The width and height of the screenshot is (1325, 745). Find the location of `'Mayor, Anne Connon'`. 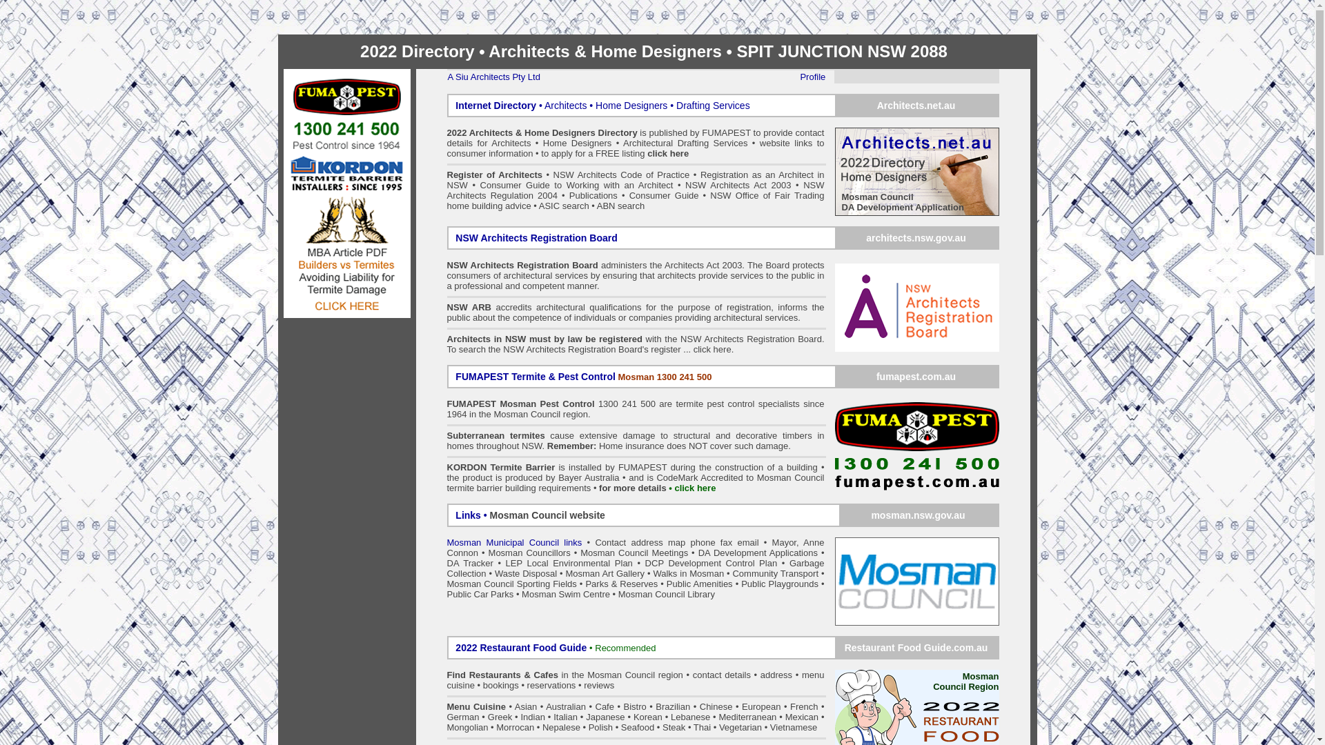

'Mayor, Anne Connon' is located at coordinates (635, 547).